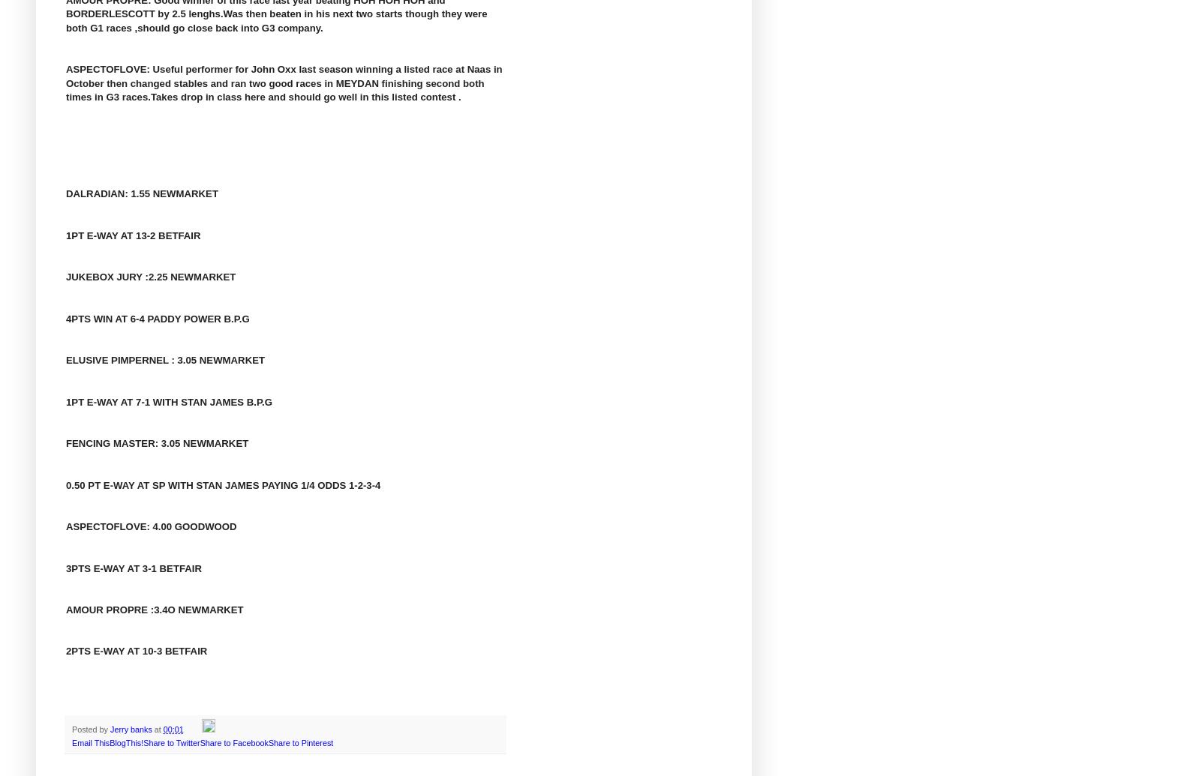 The image size is (1199, 776). I want to click on 'at', so click(157, 729).